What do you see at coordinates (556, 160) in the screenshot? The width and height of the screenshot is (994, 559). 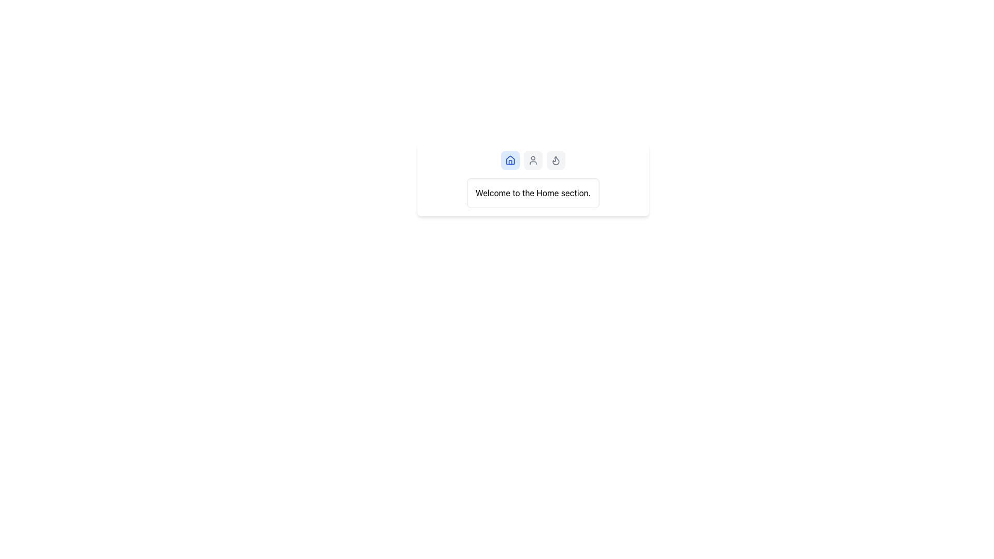 I see `the flame-shaped icon located in the fourth position of a horizontal group of icons, styled with a minimalistic outline, just above the text 'Welcome to the Home section.'` at bounding box center [556, 160].